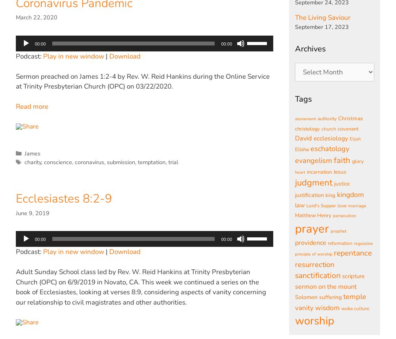 Image resolution: width=396 pixels, height=339 pixels. Describe the element at coordinates (314, 263) in the screenshot. I see `'resurrection'` at that location.